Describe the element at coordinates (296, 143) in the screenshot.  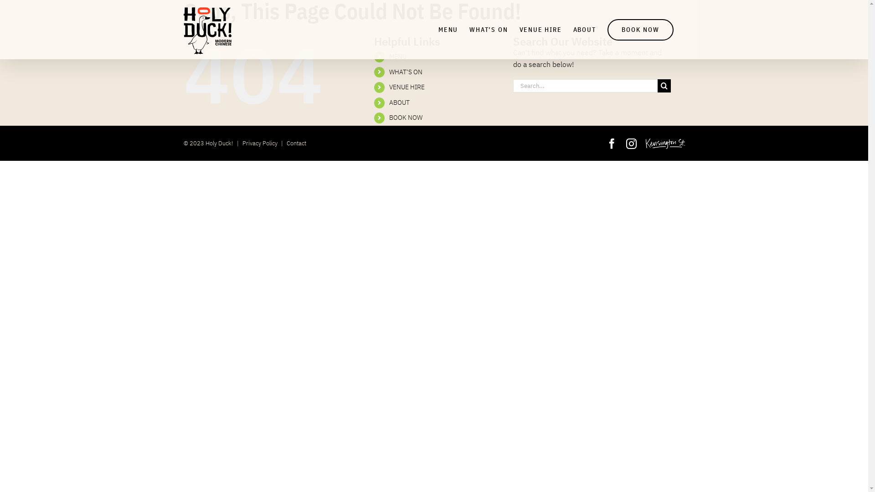
I see `'Contact'` at that location.